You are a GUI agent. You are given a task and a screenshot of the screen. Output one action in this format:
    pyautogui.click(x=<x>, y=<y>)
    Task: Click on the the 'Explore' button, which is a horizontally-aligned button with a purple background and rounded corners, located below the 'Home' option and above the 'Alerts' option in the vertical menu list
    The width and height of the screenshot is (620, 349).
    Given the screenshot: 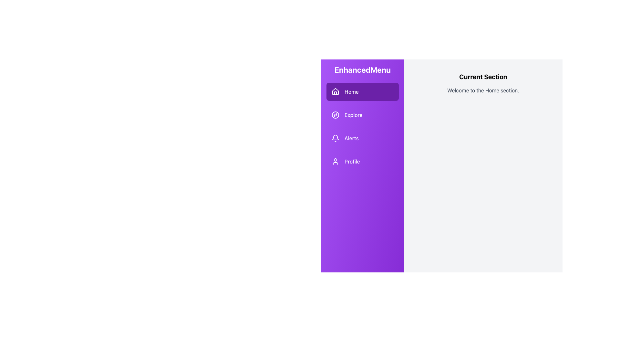 What is the action you would take?
    pyautogui.click(x=363, y=114)
    